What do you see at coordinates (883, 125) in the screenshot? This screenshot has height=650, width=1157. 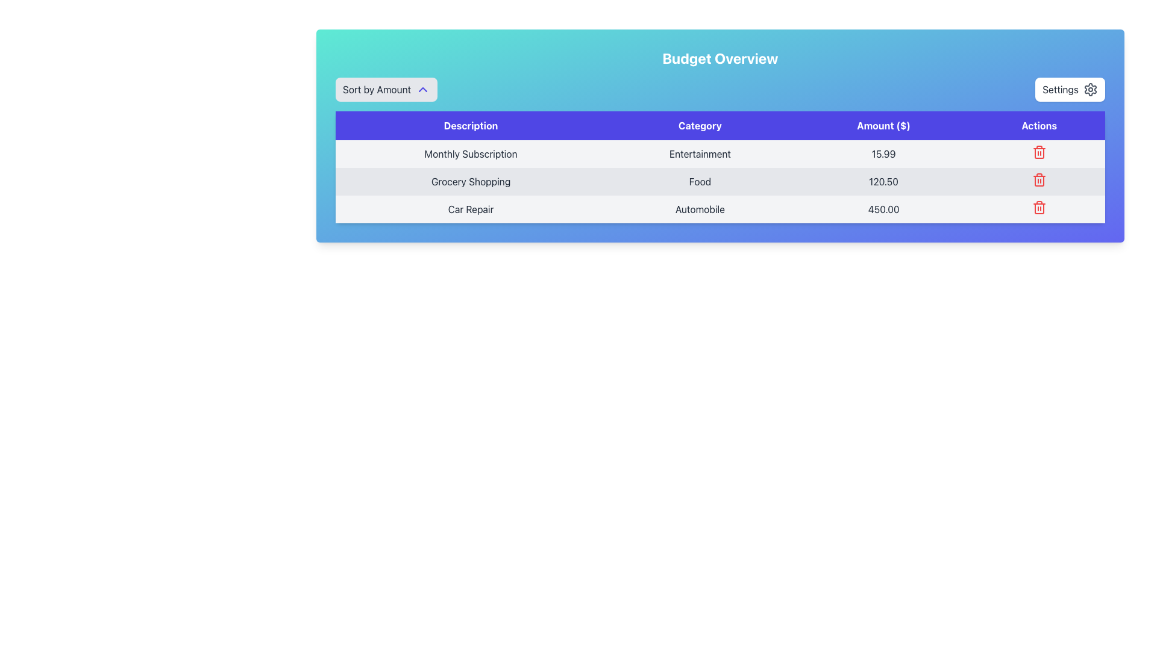 I see `text of the label for the 'Amount ($)' column in the header row of the table located below the 'Budget Overview' title` at bounding box center [883, 125].